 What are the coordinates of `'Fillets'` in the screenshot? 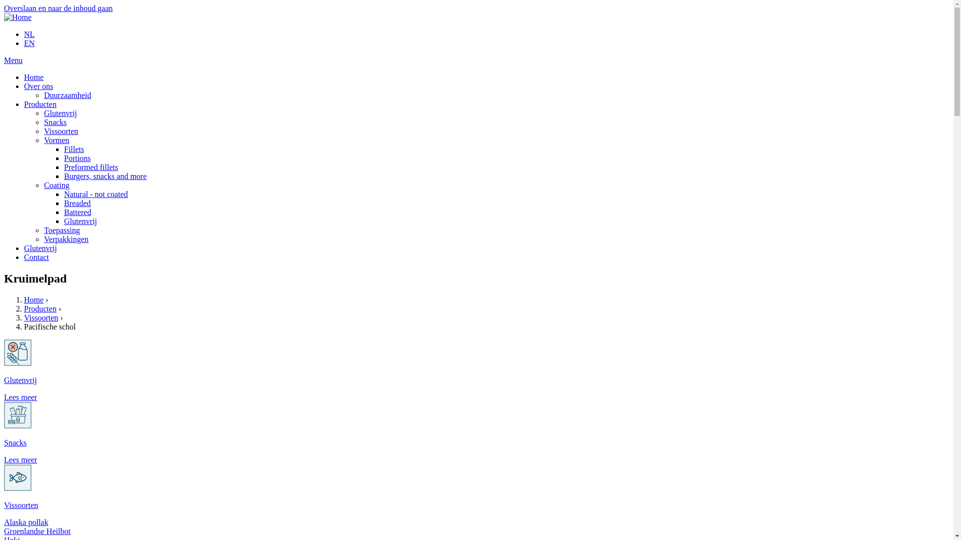 It's located at (64, 149).